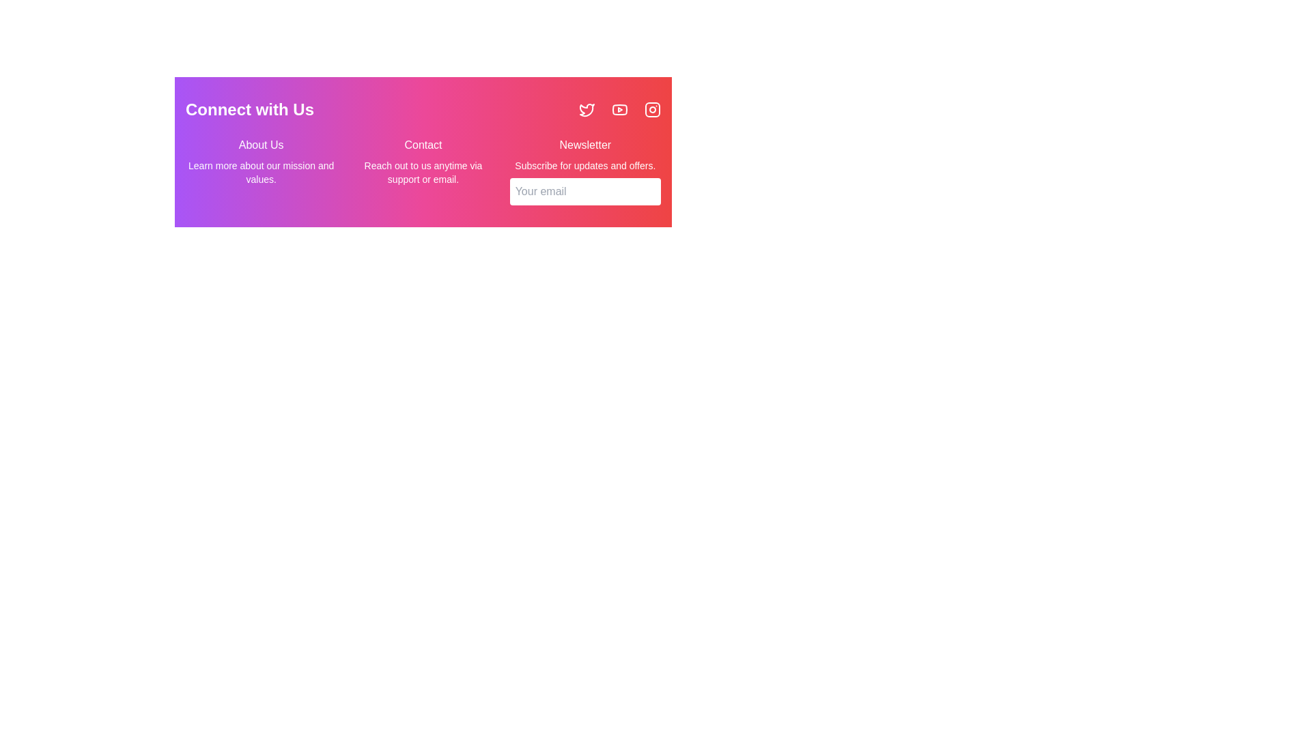  Describe the element at coordinates (587, 109) in the screenshot. I see `the leftmost social media icon link in the top-right corner of the red gradient section` at that location.